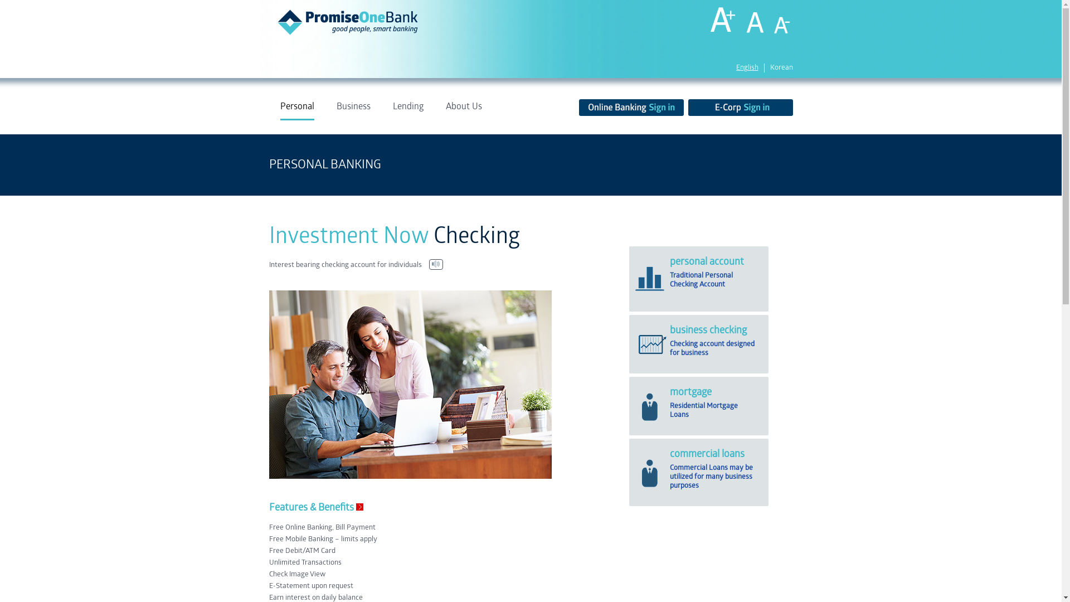  Describe the element at coordinates (669, 279) in the screenshot. I see `'Traditional Personal Checking Account'` at that location.